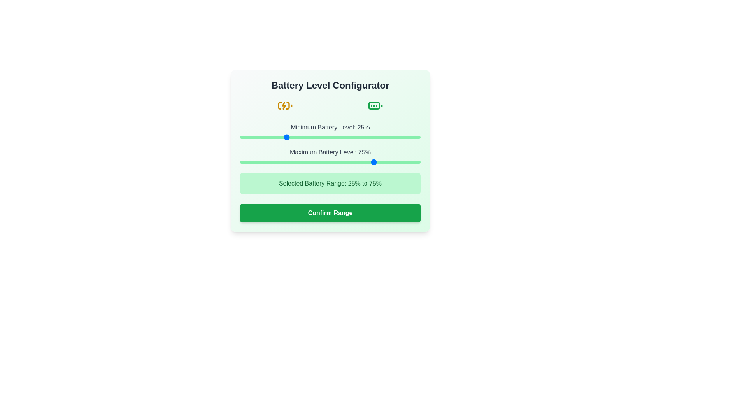 This screenshot has height=420, width=747. What do you see at coordinates (316, 161) in the screenshot?
I see `the maximum battery level` at bounding box center [316, 161].